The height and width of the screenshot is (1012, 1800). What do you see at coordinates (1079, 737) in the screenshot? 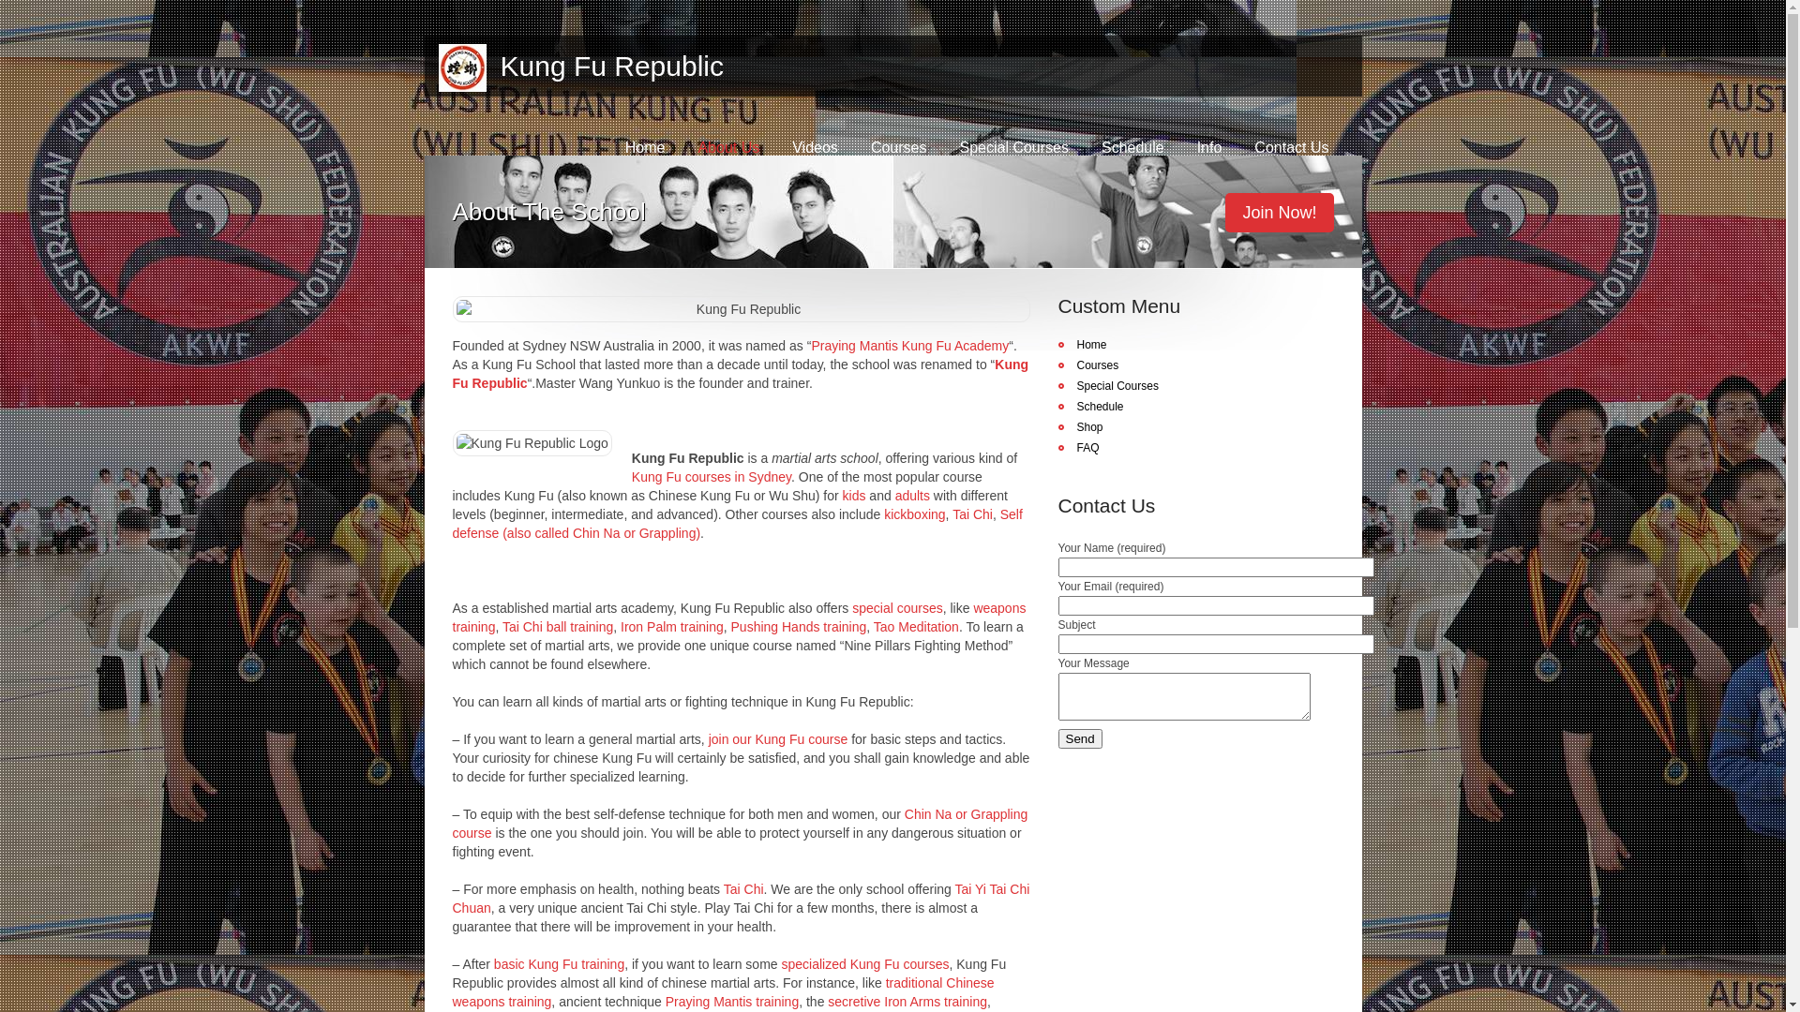
I see `'Send'` at bounding box center [1079, 737].